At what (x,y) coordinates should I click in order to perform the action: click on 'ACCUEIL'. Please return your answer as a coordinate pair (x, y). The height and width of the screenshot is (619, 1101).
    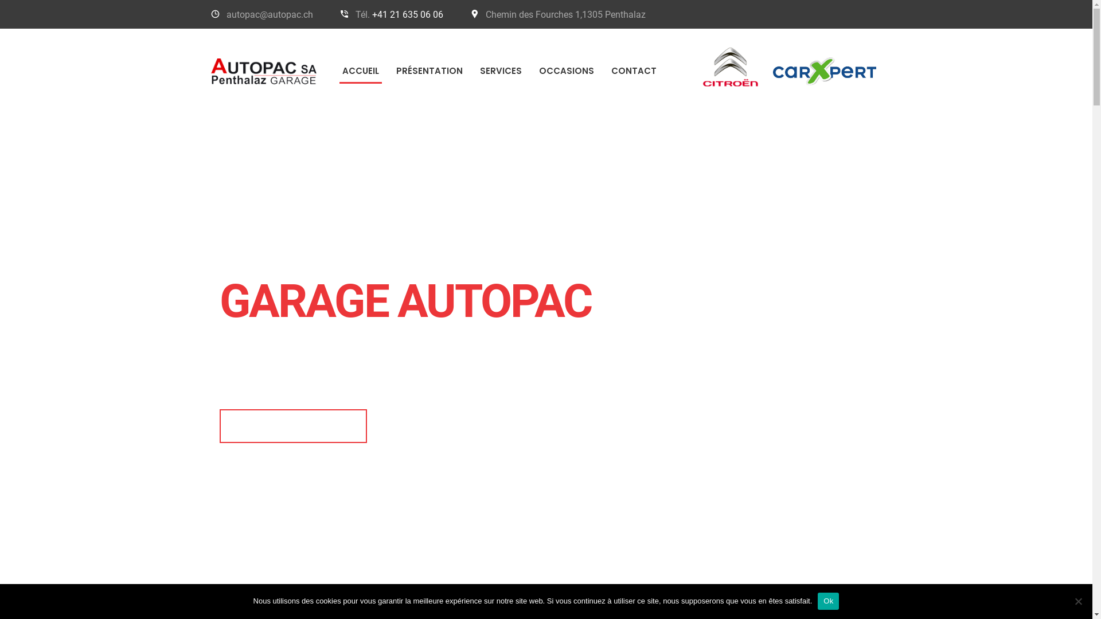
    Looking at the image, I should click on (360, 70).